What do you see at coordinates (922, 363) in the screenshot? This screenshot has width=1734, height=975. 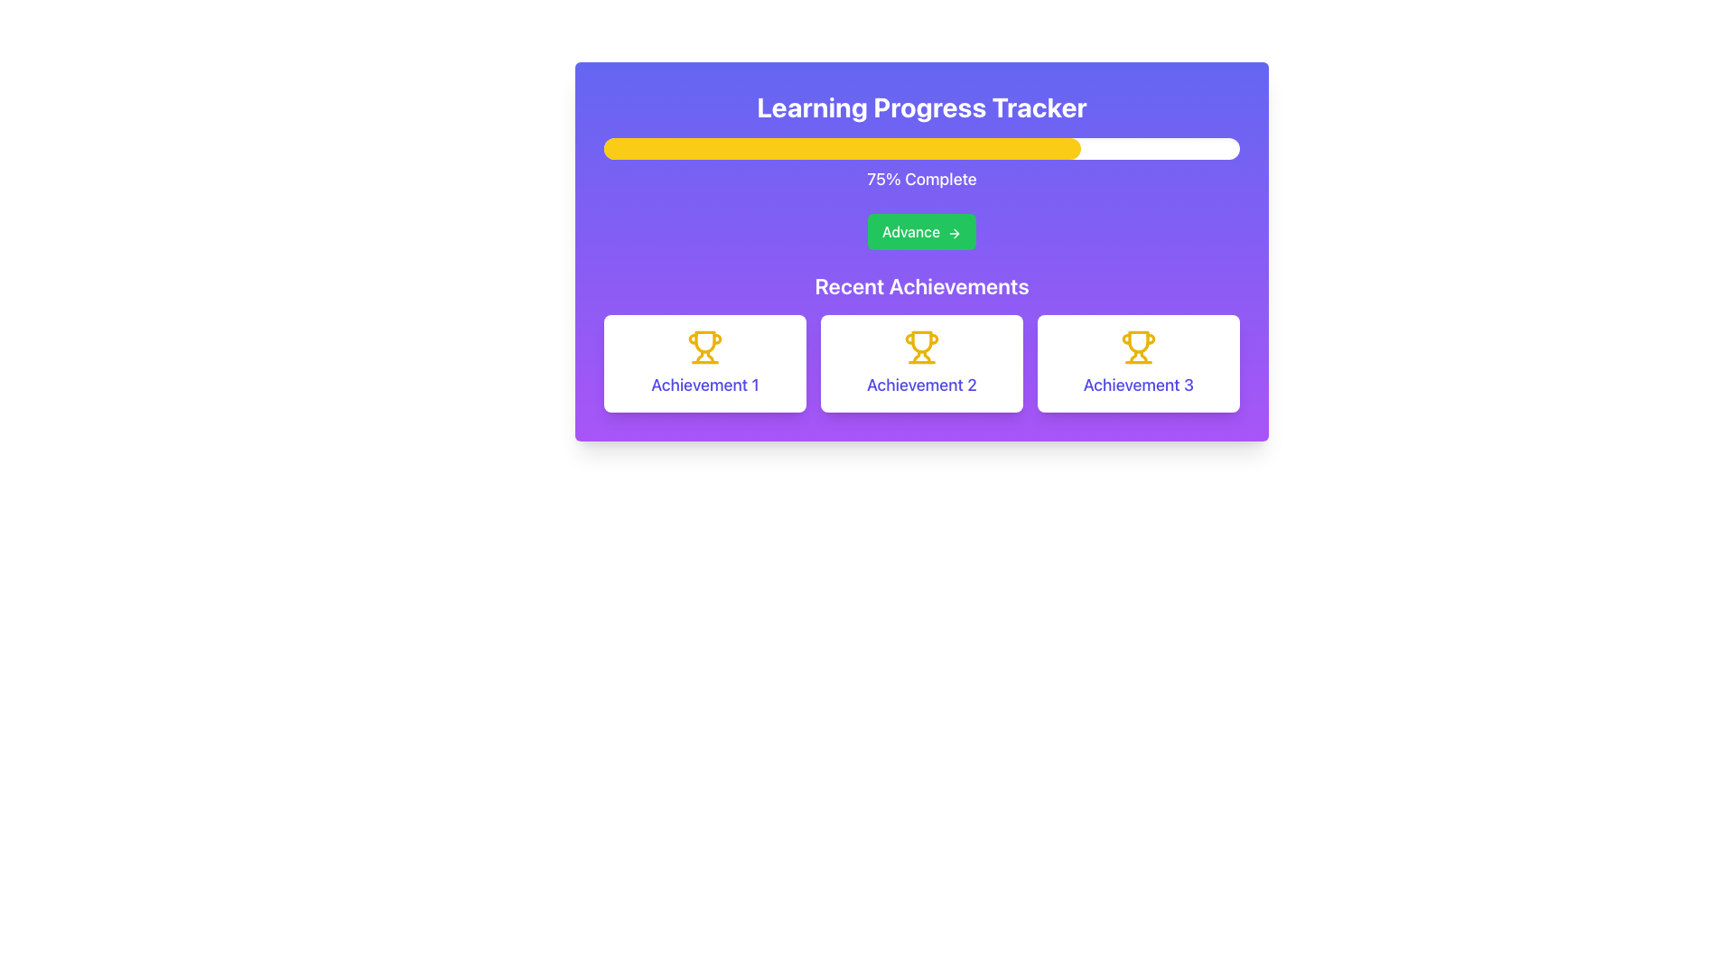 I see `the second static informational card displaying 'Achievement 2' with a yellow trophy icon in the 'Recent Achievements' section` at bounding box center [922, 363].